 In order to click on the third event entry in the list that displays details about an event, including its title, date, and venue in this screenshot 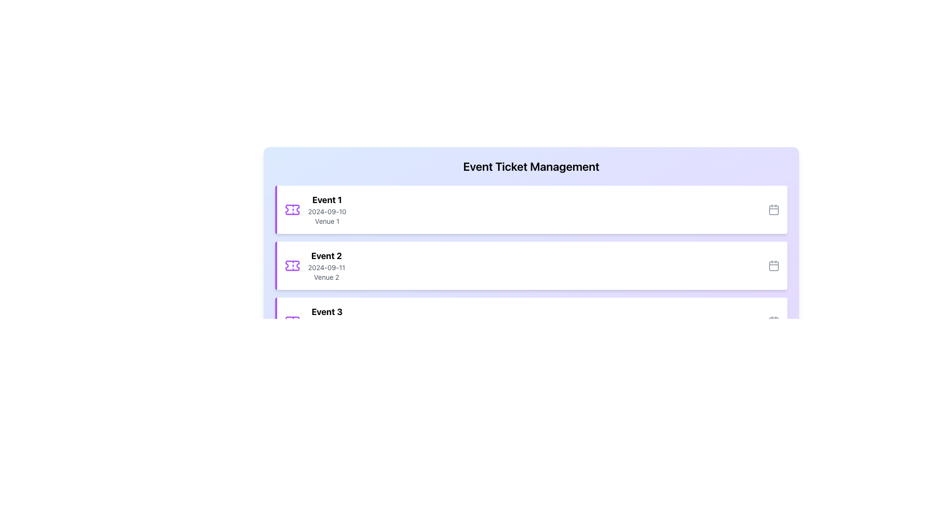, I will do `click(315, 322)`.